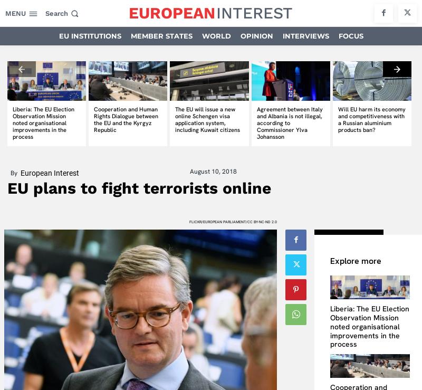 Image resolution: width=422 pixels, height=390 pixels. Describe the element at coordinates (213, 274) in the screenshot. I see `'Privacy Policy'` at that location.